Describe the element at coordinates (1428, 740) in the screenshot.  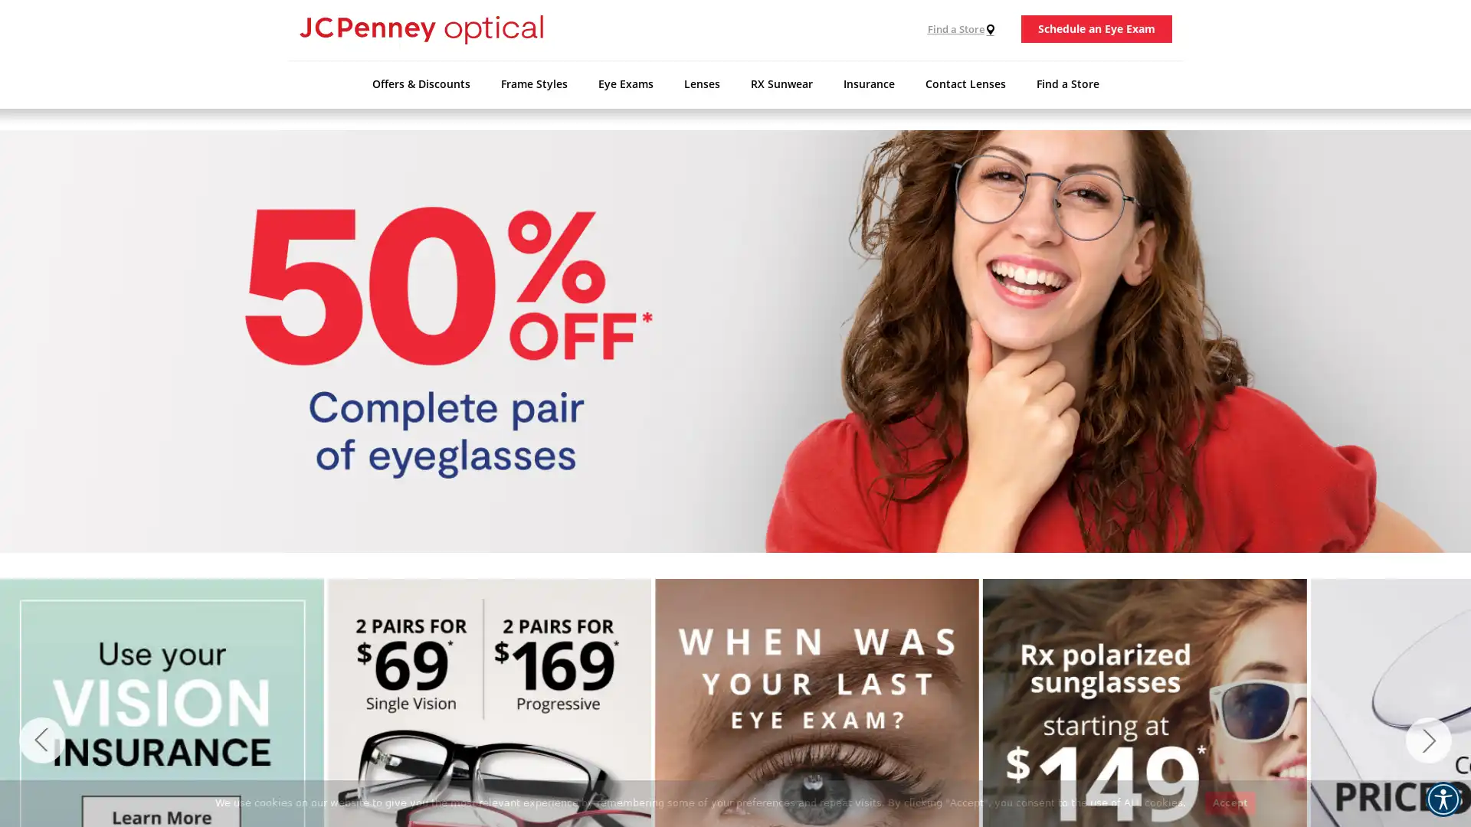
I see `next` at that location.